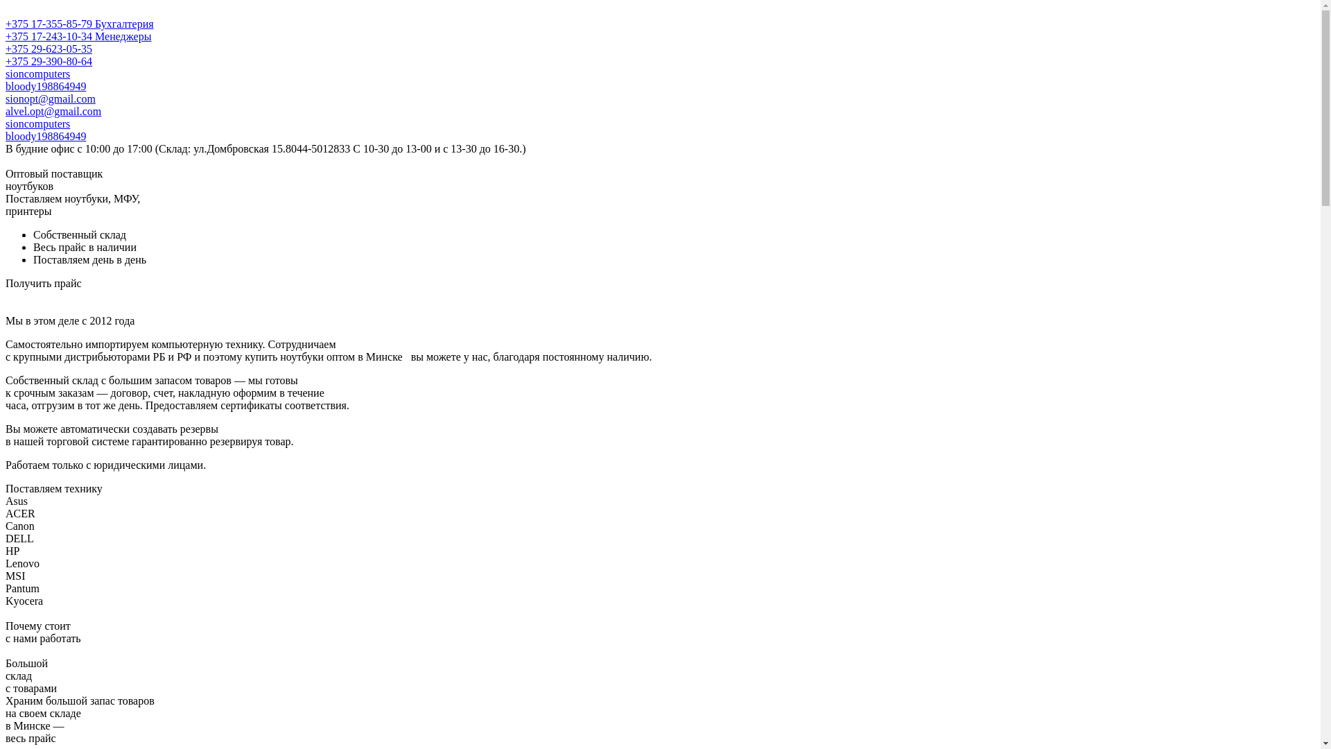 This screenshot has height=749, width=1331. Describe the element at coordinates (49, 60) in the screenshot. I see `'+375 29-390-80-64'` at that location.